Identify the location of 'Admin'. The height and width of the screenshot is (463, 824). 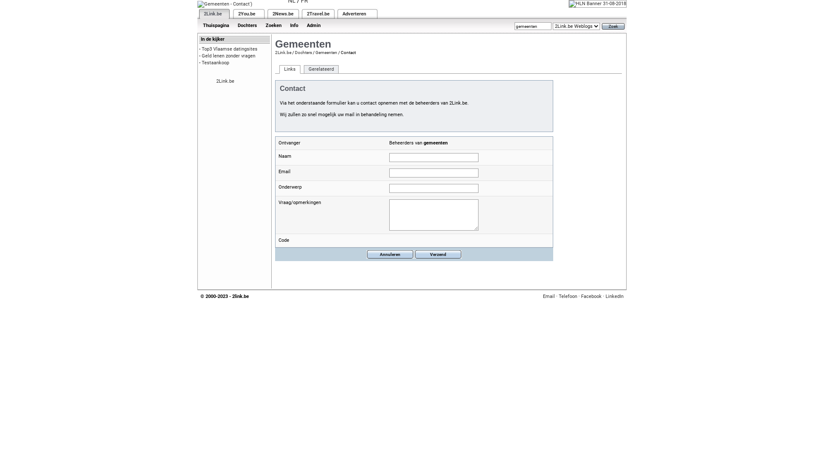
(303, 25).